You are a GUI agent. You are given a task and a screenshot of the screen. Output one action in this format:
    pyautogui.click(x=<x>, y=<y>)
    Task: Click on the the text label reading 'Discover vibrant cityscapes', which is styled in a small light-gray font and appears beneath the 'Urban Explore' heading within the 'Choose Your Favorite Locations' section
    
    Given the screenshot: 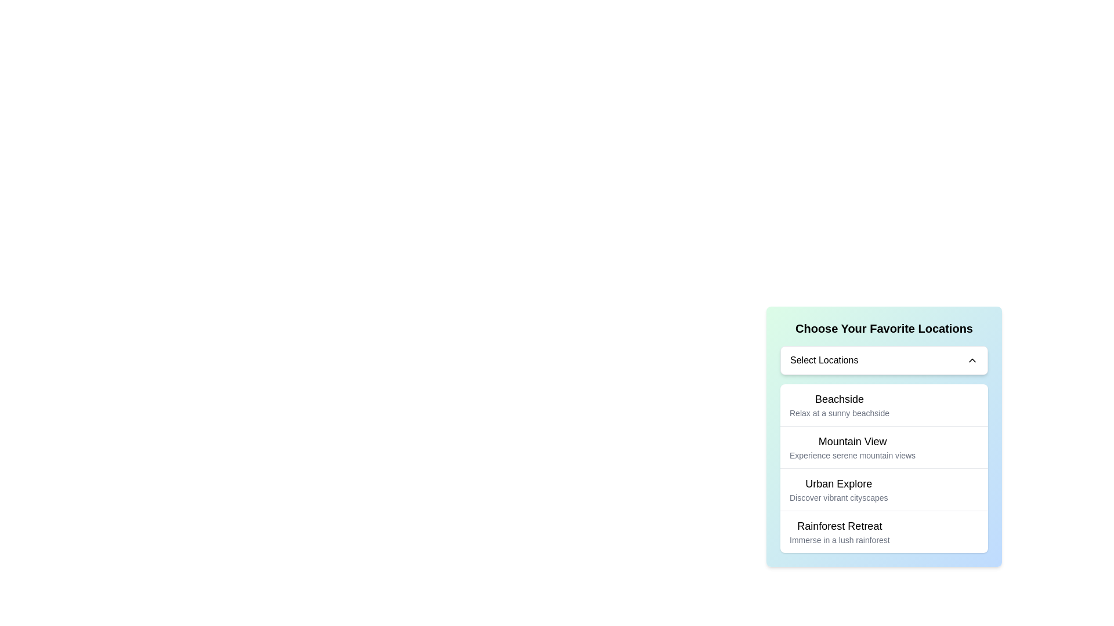 What is the action you would take?
    pyautogui.click(x=838, y=497)
    